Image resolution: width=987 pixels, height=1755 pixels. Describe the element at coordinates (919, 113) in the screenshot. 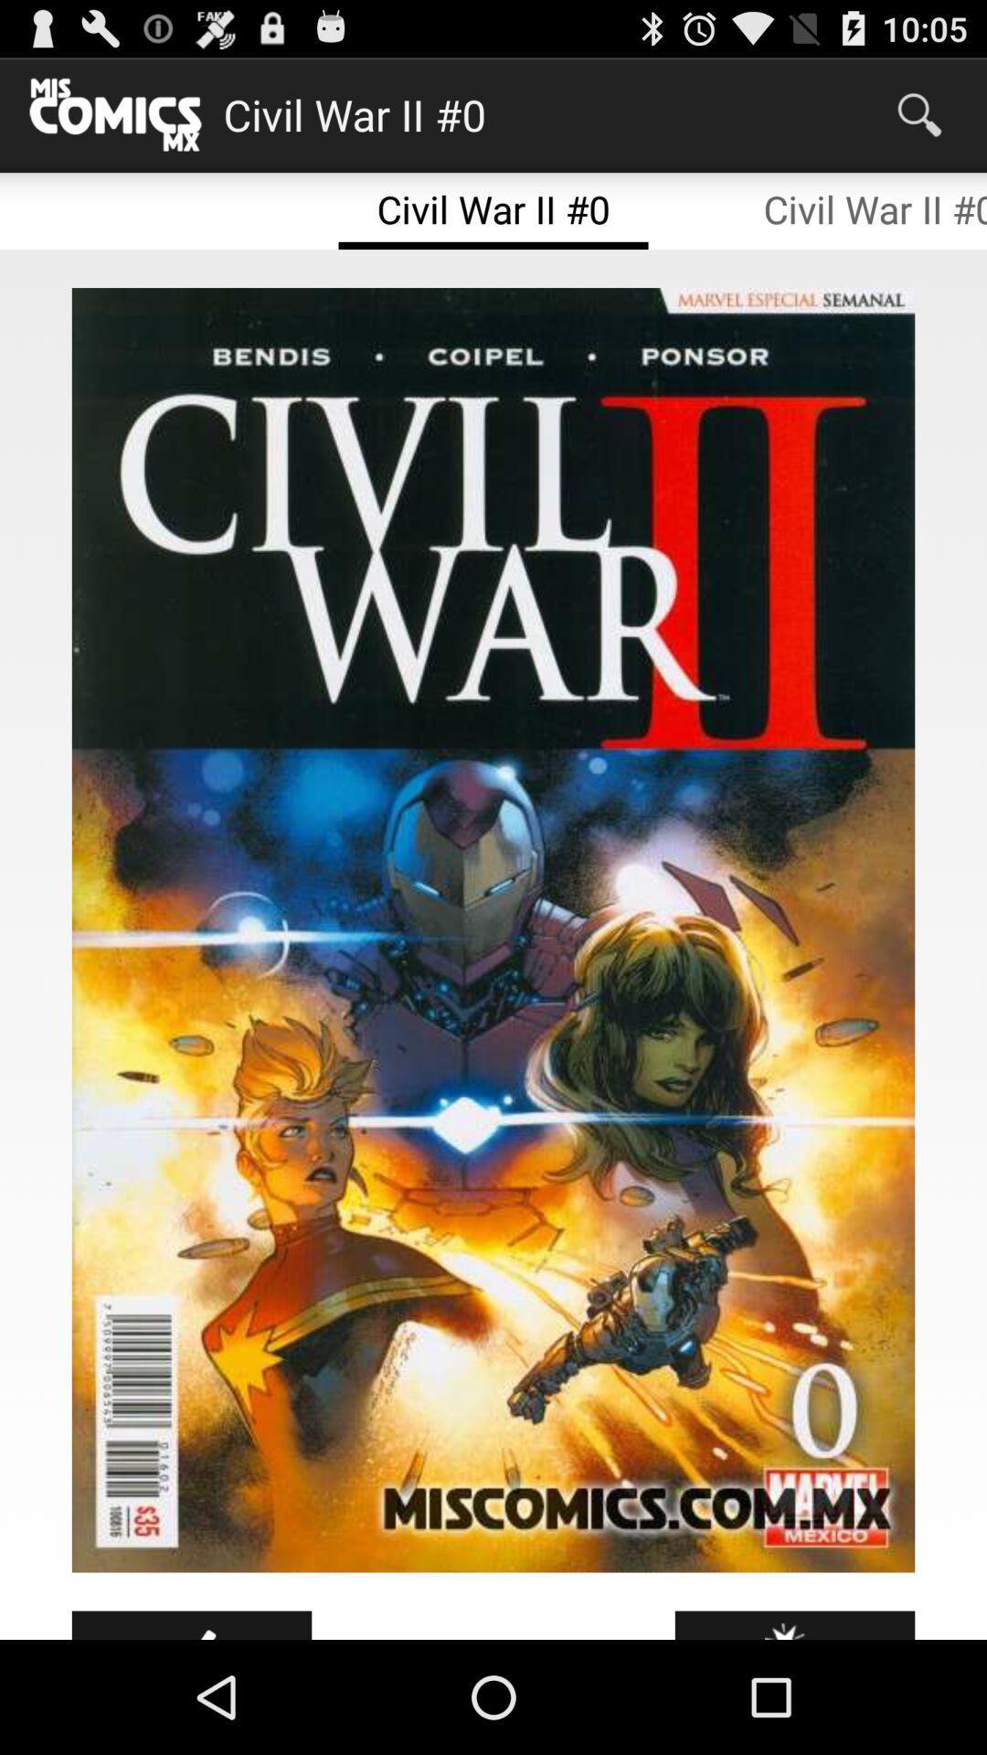

I see `the icon above civil war ii app` at that location.